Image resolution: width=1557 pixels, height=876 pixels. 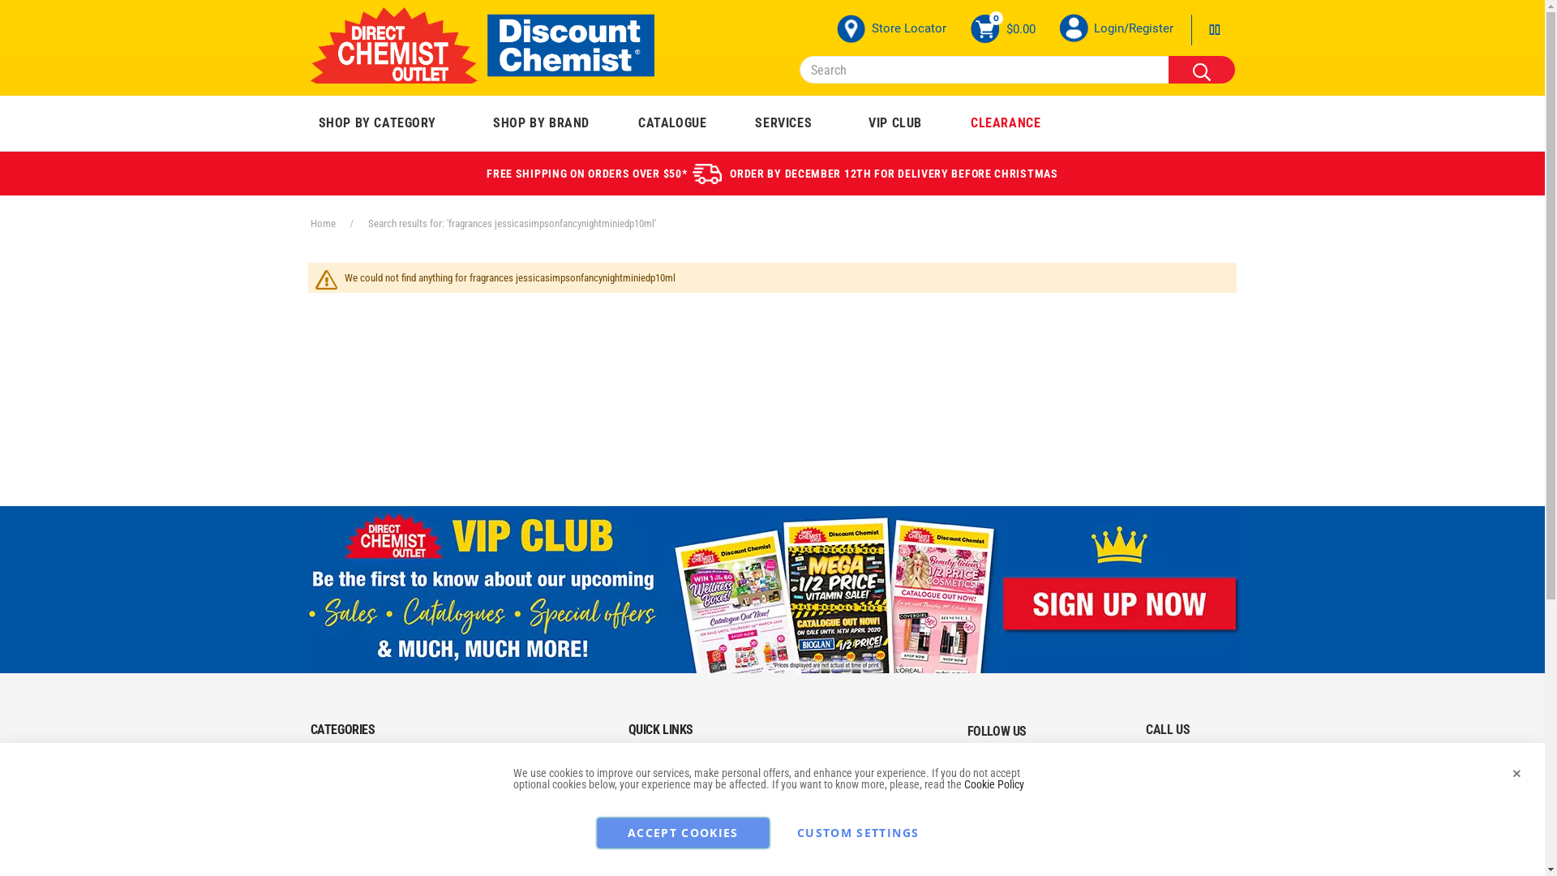 What do you see at coordinates (645, 766) in the screenshot?
I see `'About Us'` at bounding box center [645, 766].